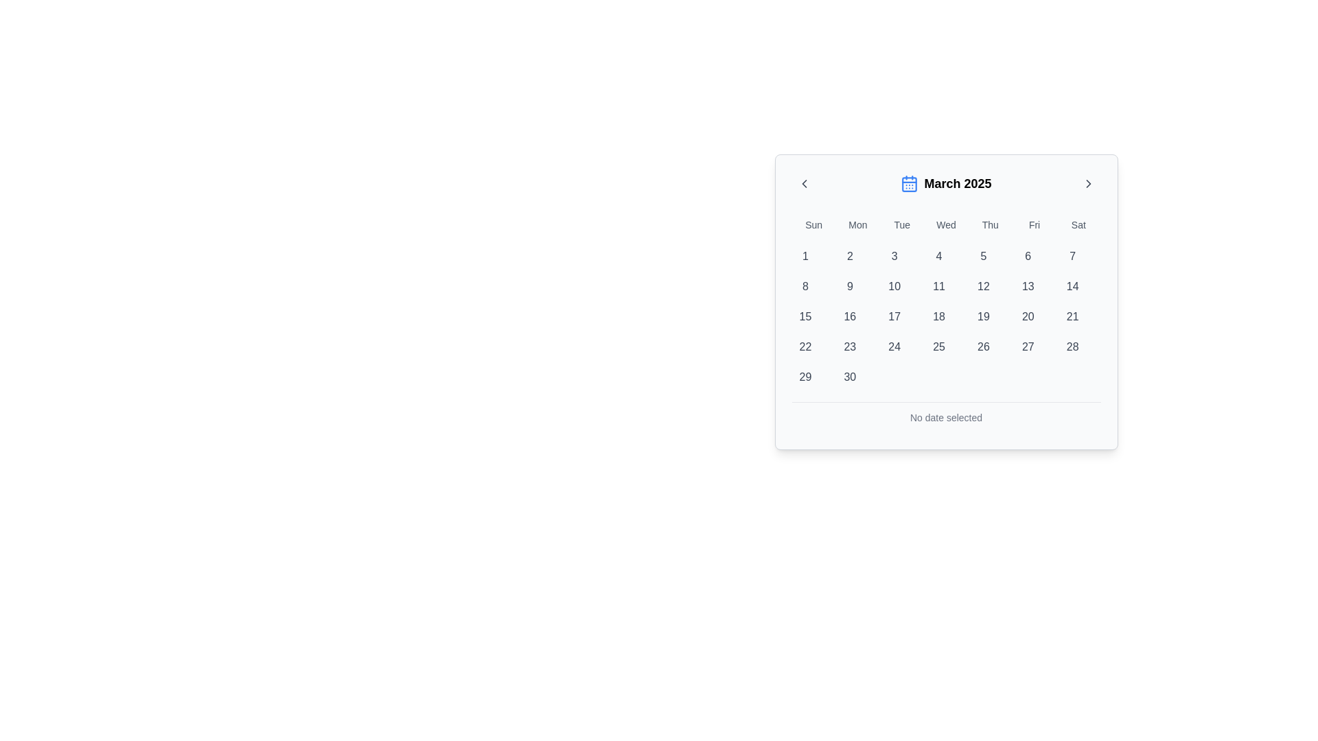 This screenshot has width=1318, height=741. Describe the element at coordinates (857, 224) in the screenshot. I see `the Text Label displaying 'Mon', which is styled with a medium font size and gray color, located in the weekday headers row of the calendar, positioned between 'Sun' and 'Tue'` at that location.